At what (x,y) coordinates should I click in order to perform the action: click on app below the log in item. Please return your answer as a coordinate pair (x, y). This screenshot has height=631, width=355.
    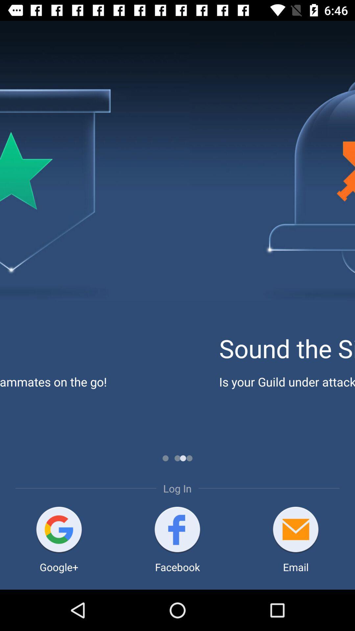
    Looking at the image, I should click on (177, 530).